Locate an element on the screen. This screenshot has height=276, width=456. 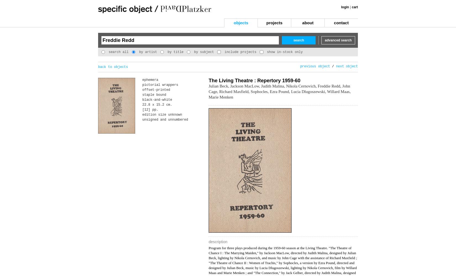
'search all' is located at coordinates (106, 52).